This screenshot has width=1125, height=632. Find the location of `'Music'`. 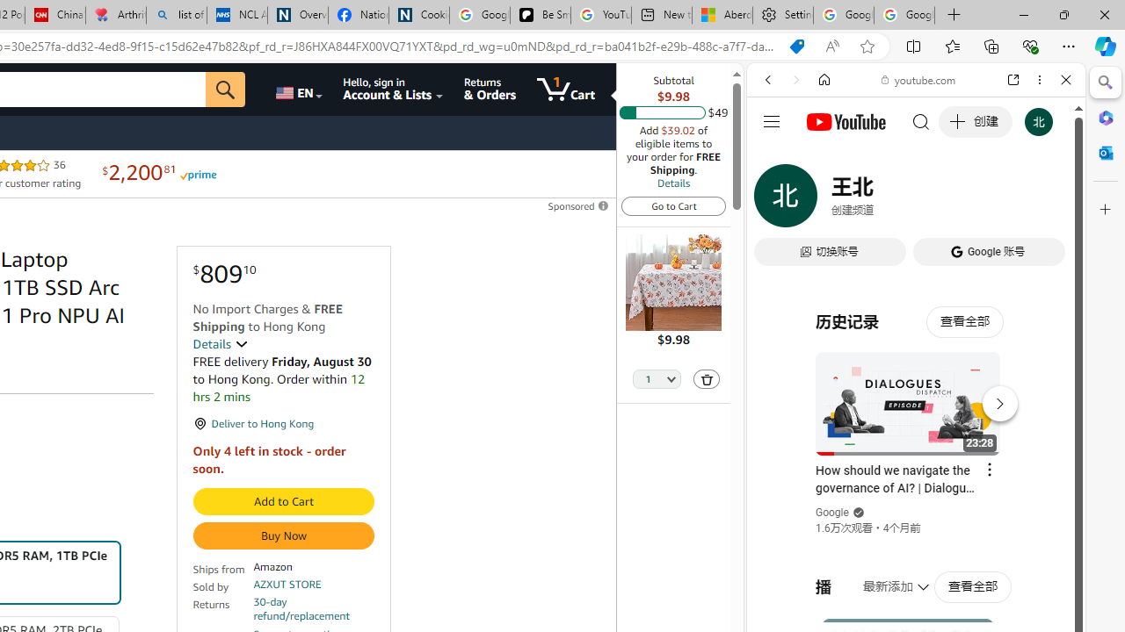

'Music' is located at coordinates (915, 477).